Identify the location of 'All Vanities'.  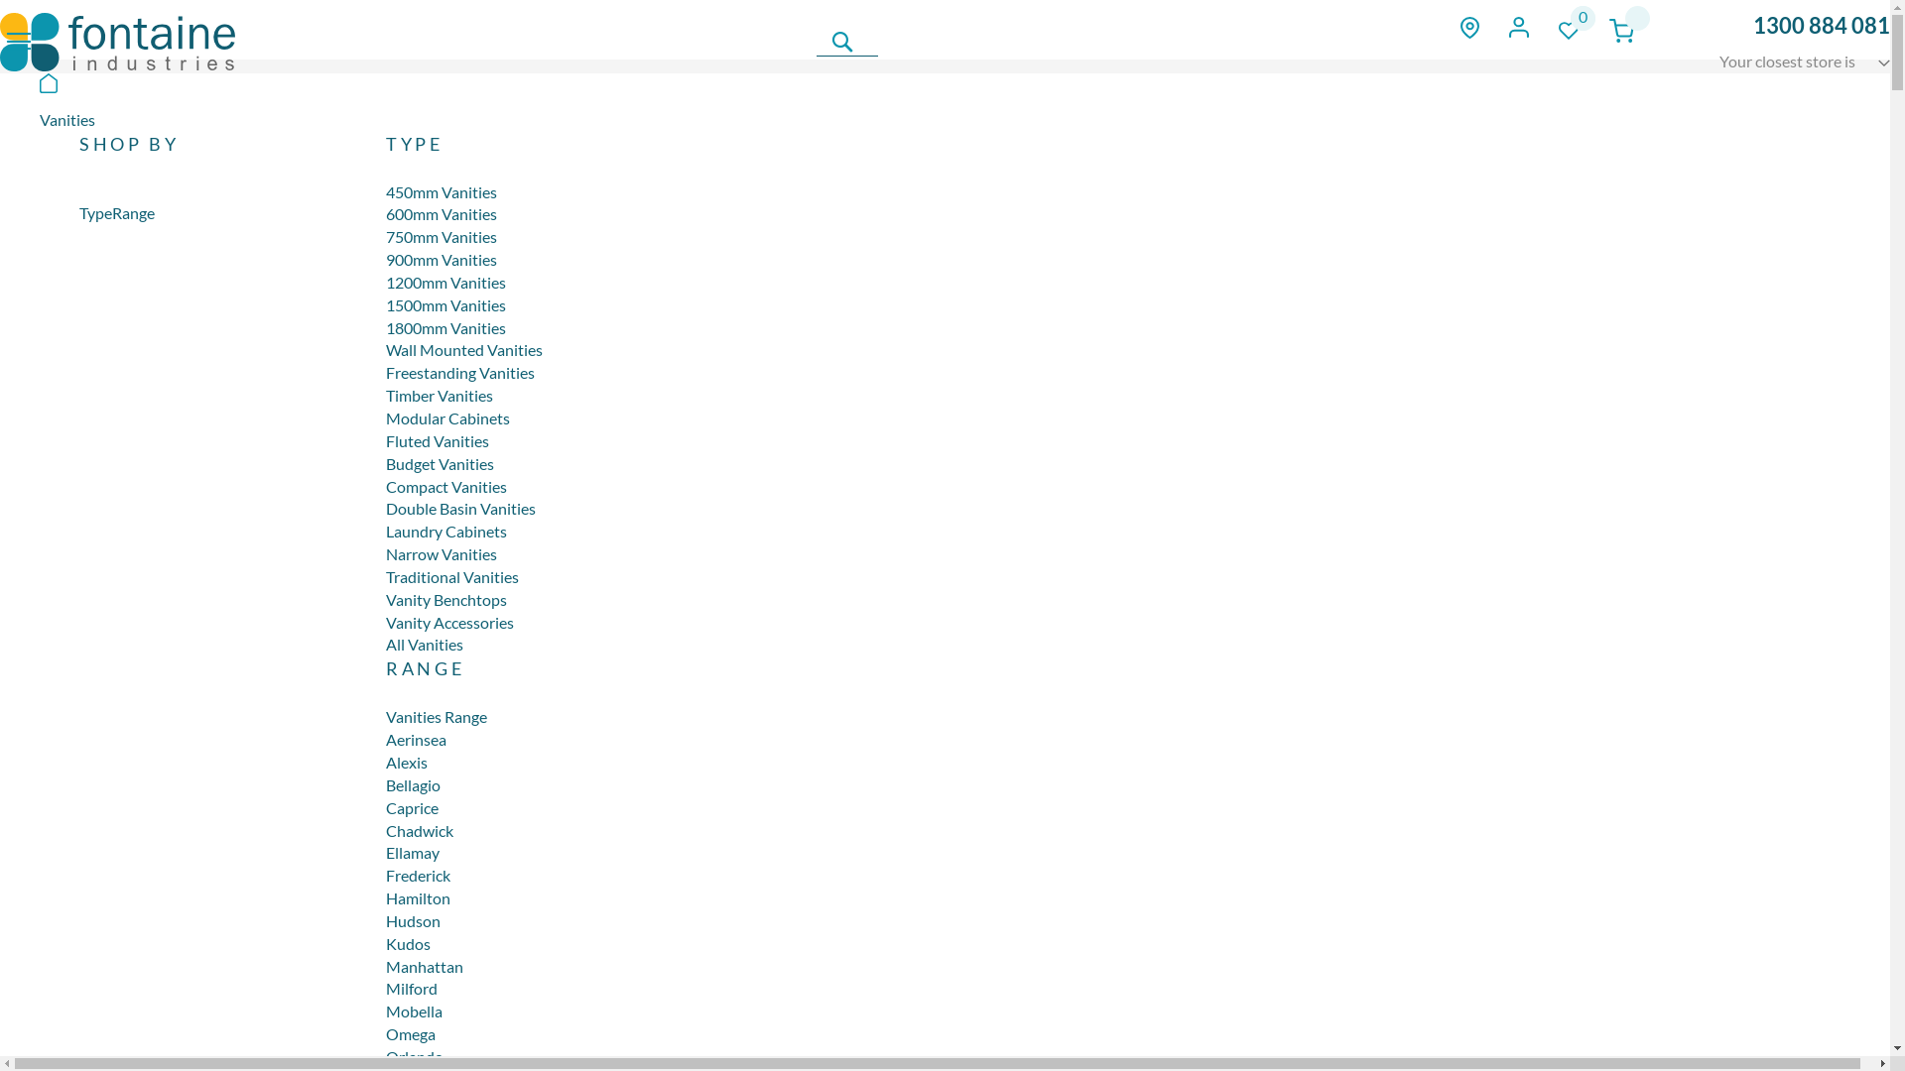
(423, 644).